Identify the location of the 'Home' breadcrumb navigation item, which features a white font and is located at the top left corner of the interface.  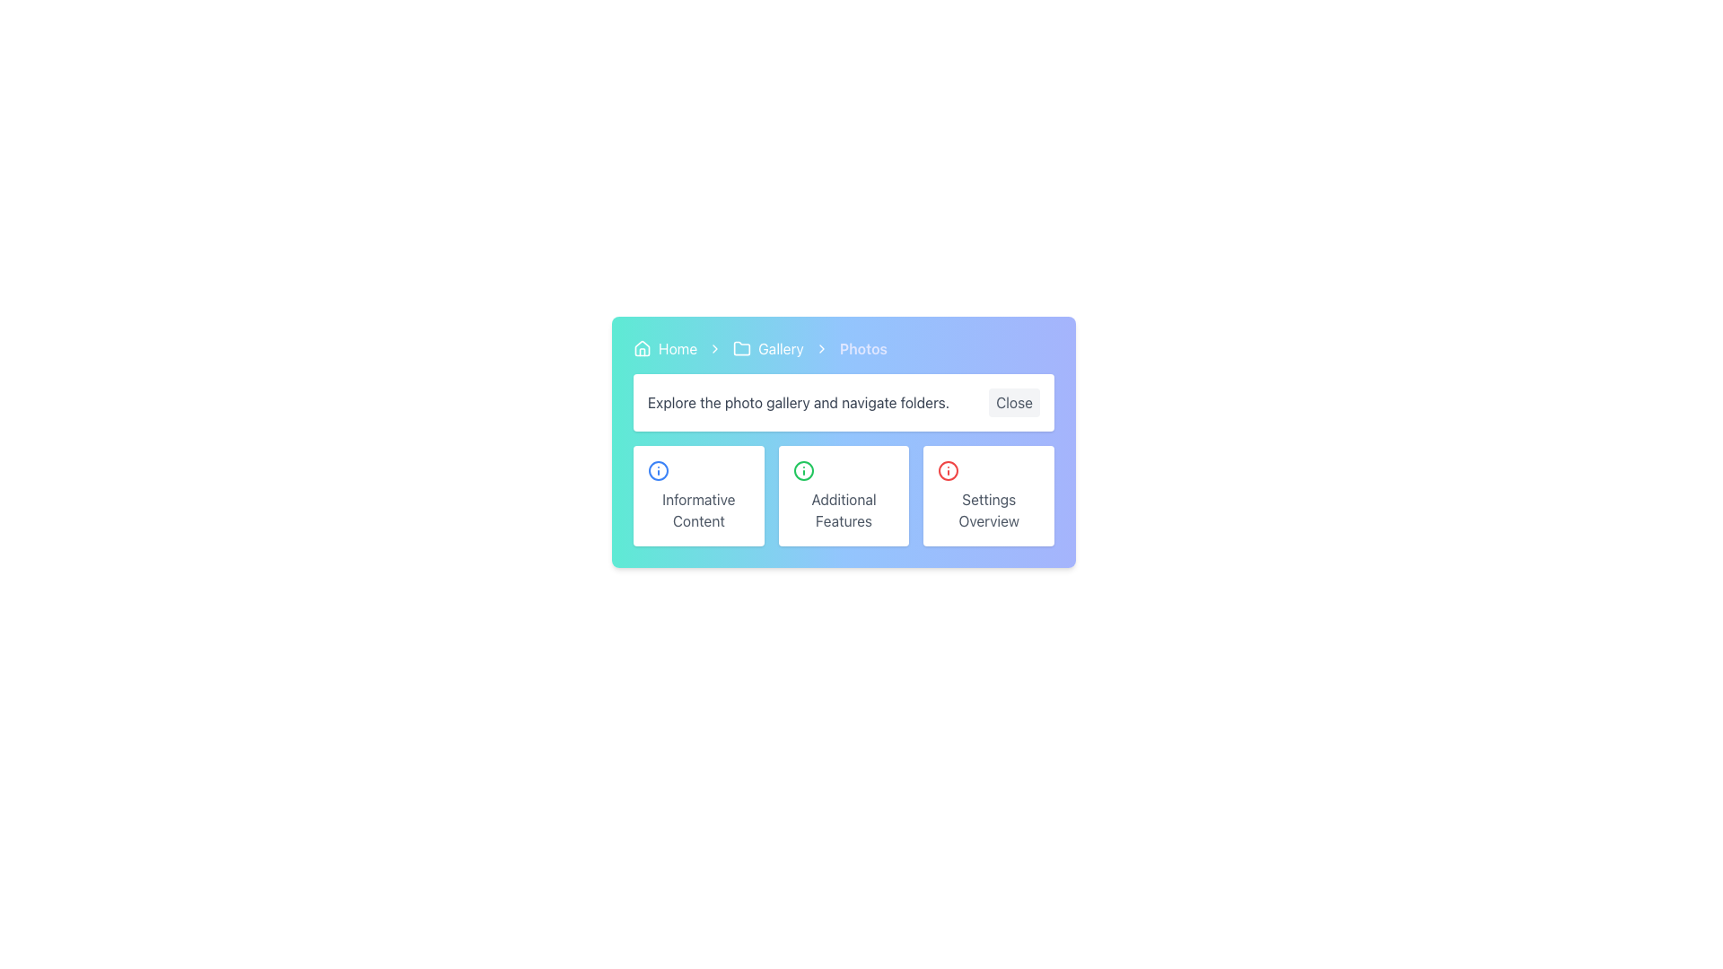
(664, 349).